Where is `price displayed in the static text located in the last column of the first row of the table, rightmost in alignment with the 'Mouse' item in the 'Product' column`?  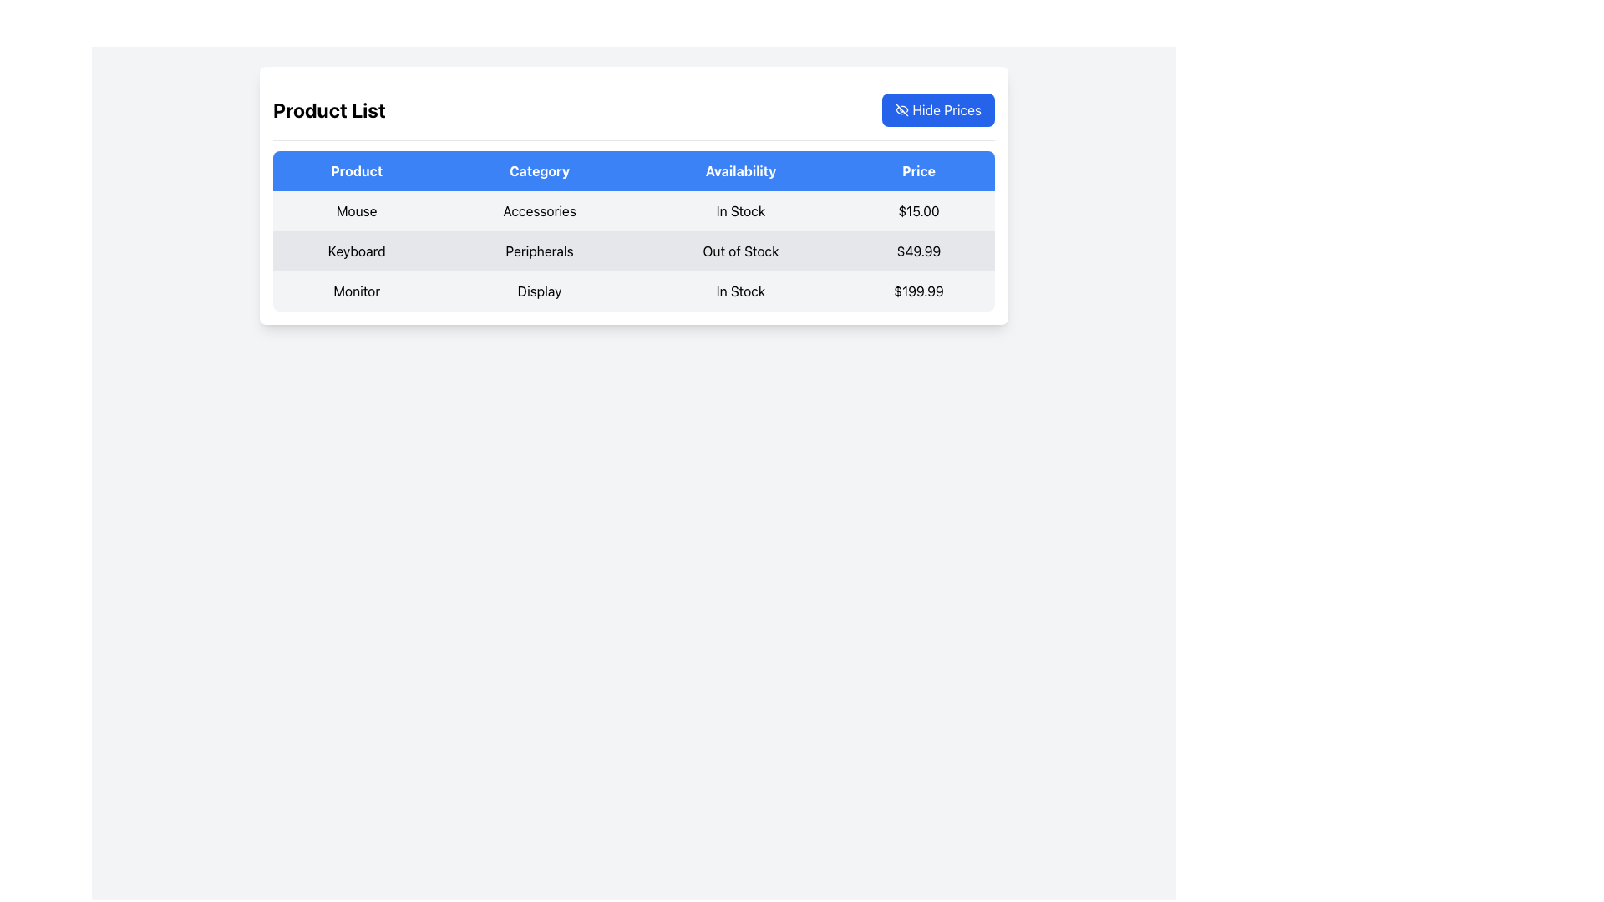
price displayed in the static text located in the last column of the first row of the table, rightmost in alignment with the 'Mouse' item in the 'Product' column is located at coordinates (917, 210).